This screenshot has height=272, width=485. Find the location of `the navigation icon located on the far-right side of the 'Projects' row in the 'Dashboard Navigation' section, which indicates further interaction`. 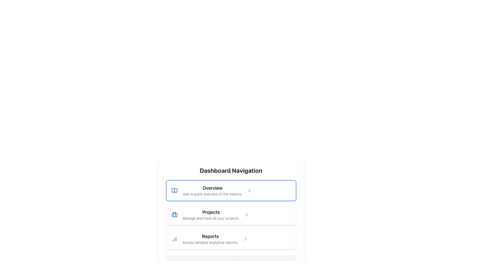

the navigation icon located on the far-right side of the 'Projects' row in the 'Dashboard Navigation' section, which indicates further interaction is located at coordinates (247, 215).